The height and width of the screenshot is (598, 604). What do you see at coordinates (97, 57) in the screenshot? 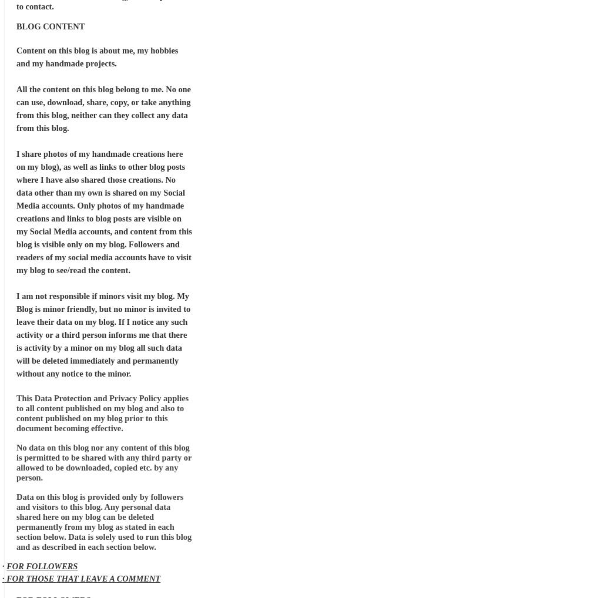
I see `'Content on this blog is about me, my hobbies and my handmade projects.'` at bounding box center [97, 57].